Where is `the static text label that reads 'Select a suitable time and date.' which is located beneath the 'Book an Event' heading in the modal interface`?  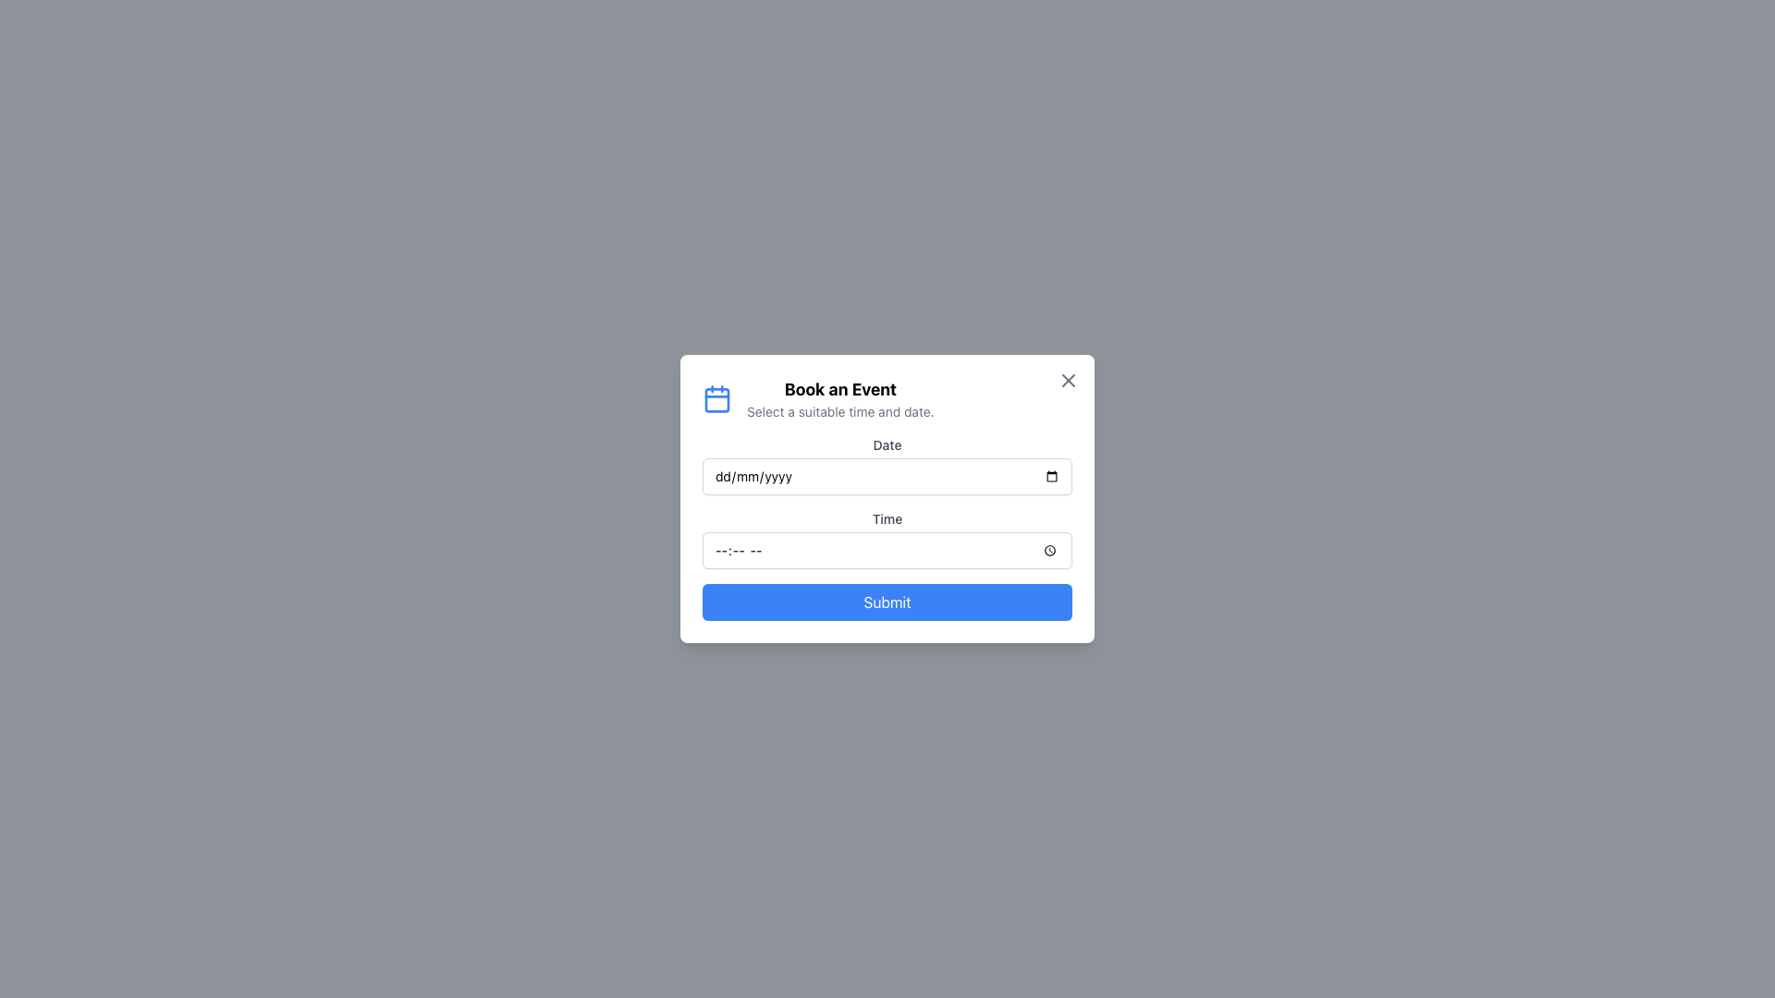 the static text label that reads 'Select a suitable time and date.' which is located beneath the 'Book an Event' heading in the modal interface is located at coordinates (839, 411).